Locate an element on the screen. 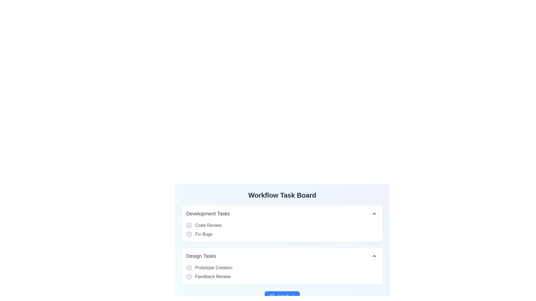  the content-collapse icon button located at the top-right corner of the 'Development Tasks' section on the workflow task board interface is located at coordinates (374, 213).